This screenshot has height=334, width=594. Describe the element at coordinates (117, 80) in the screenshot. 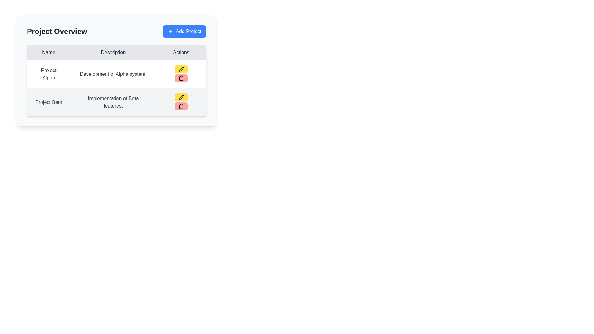

I see `the content of the Project Overview table by clicking on its central area` at that location.